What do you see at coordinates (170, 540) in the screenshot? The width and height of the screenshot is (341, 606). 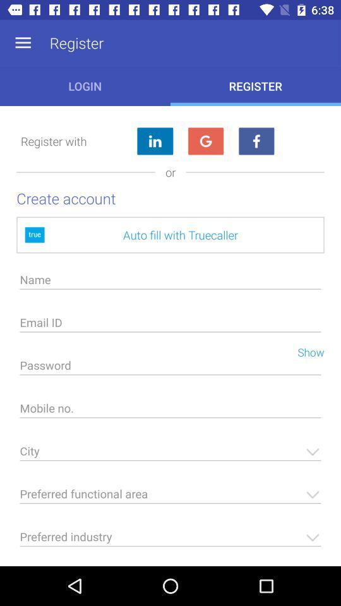 I see `preferred industry` at bounding box center [170, 540].